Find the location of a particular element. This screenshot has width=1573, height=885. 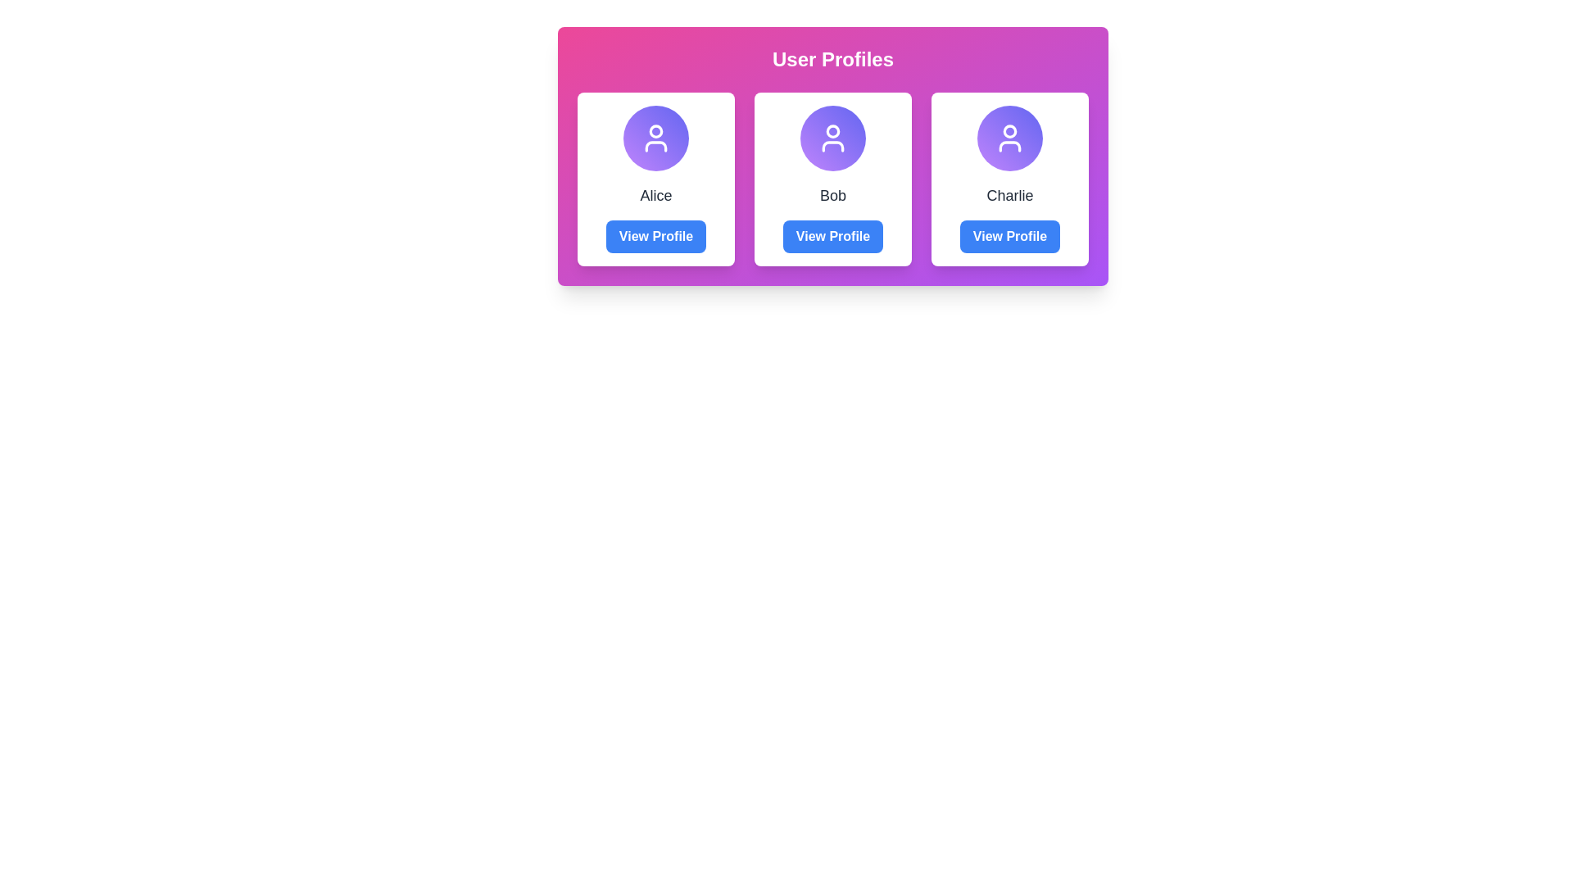

the user profile icon representing 'Charlie' located in the third card under 'User Profiles' is located at coordinates (1009, 138).